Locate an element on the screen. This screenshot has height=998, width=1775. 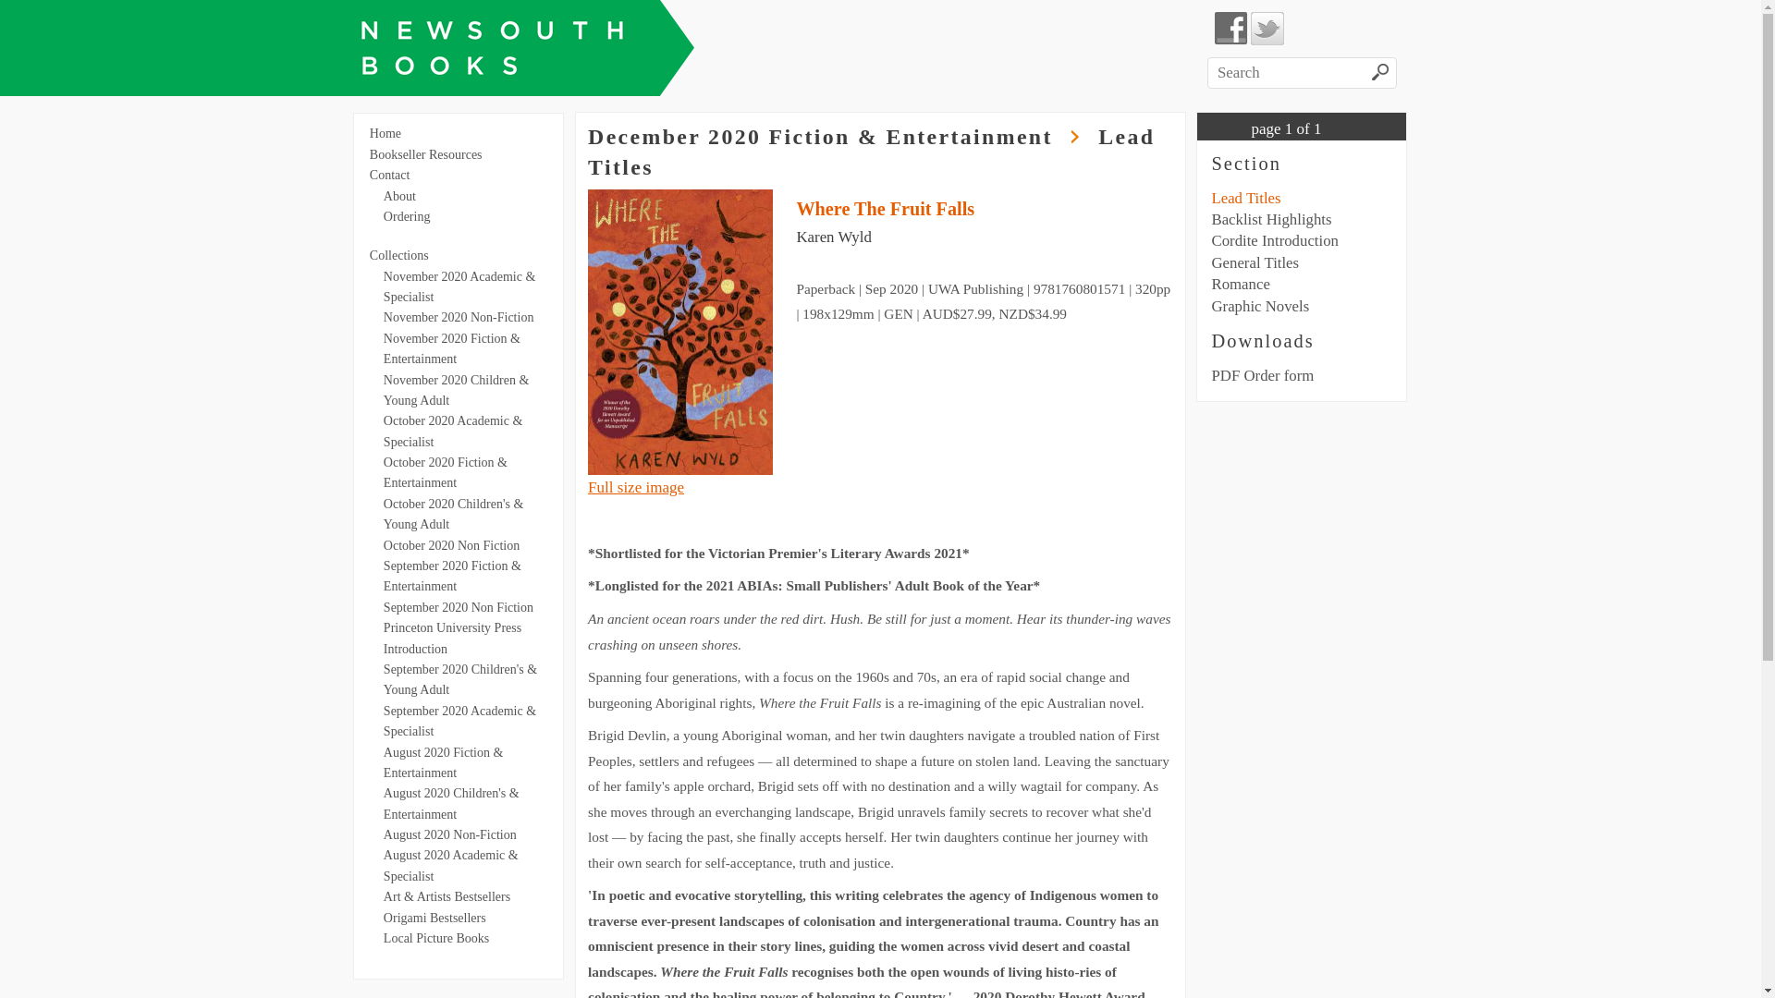
'Graphic Novels' is located at coordinates (1259, 305).